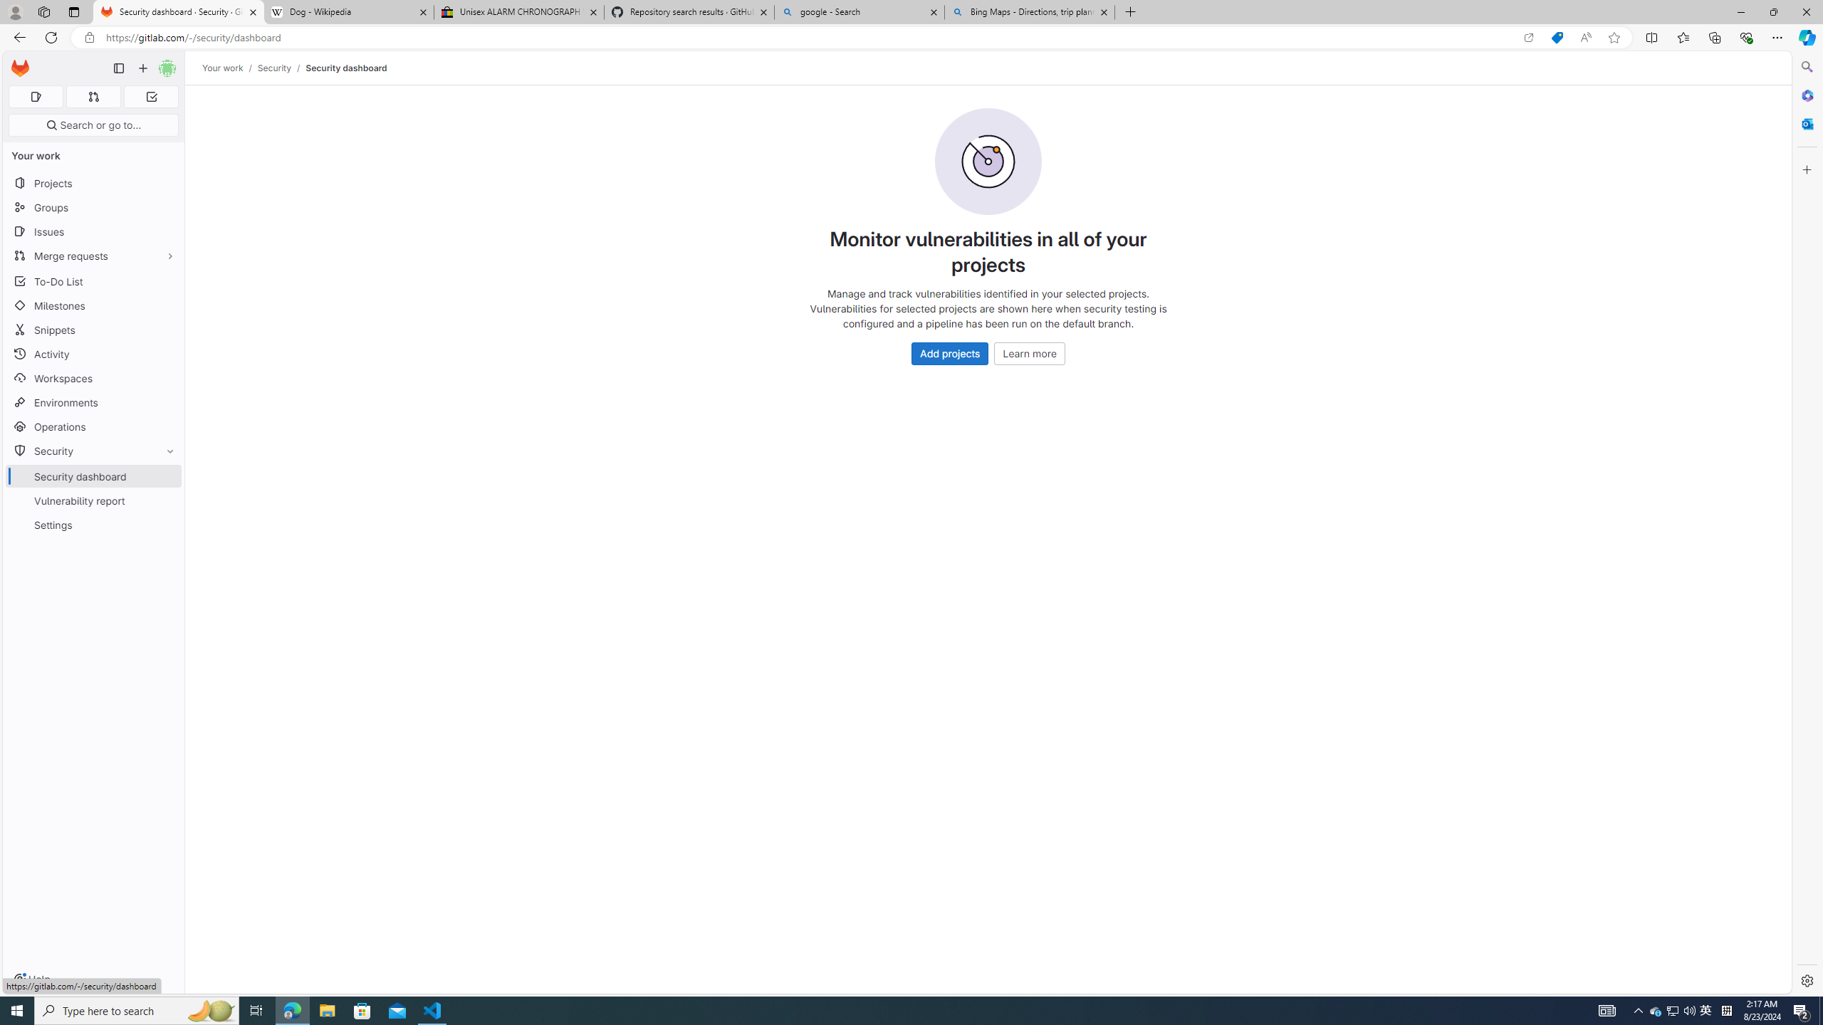 The width and height of the screenshot is (1823, 1025). What do you see at coordinates (150, 96) in the screenshot?
I see `'To-Do list 0'` at bounding box center [150, 96].